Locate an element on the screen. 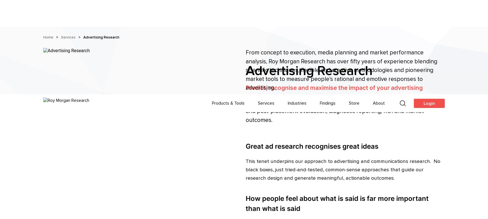 This screenshot has height=219, width=488. 'About' is located at coordinates (379, 8).